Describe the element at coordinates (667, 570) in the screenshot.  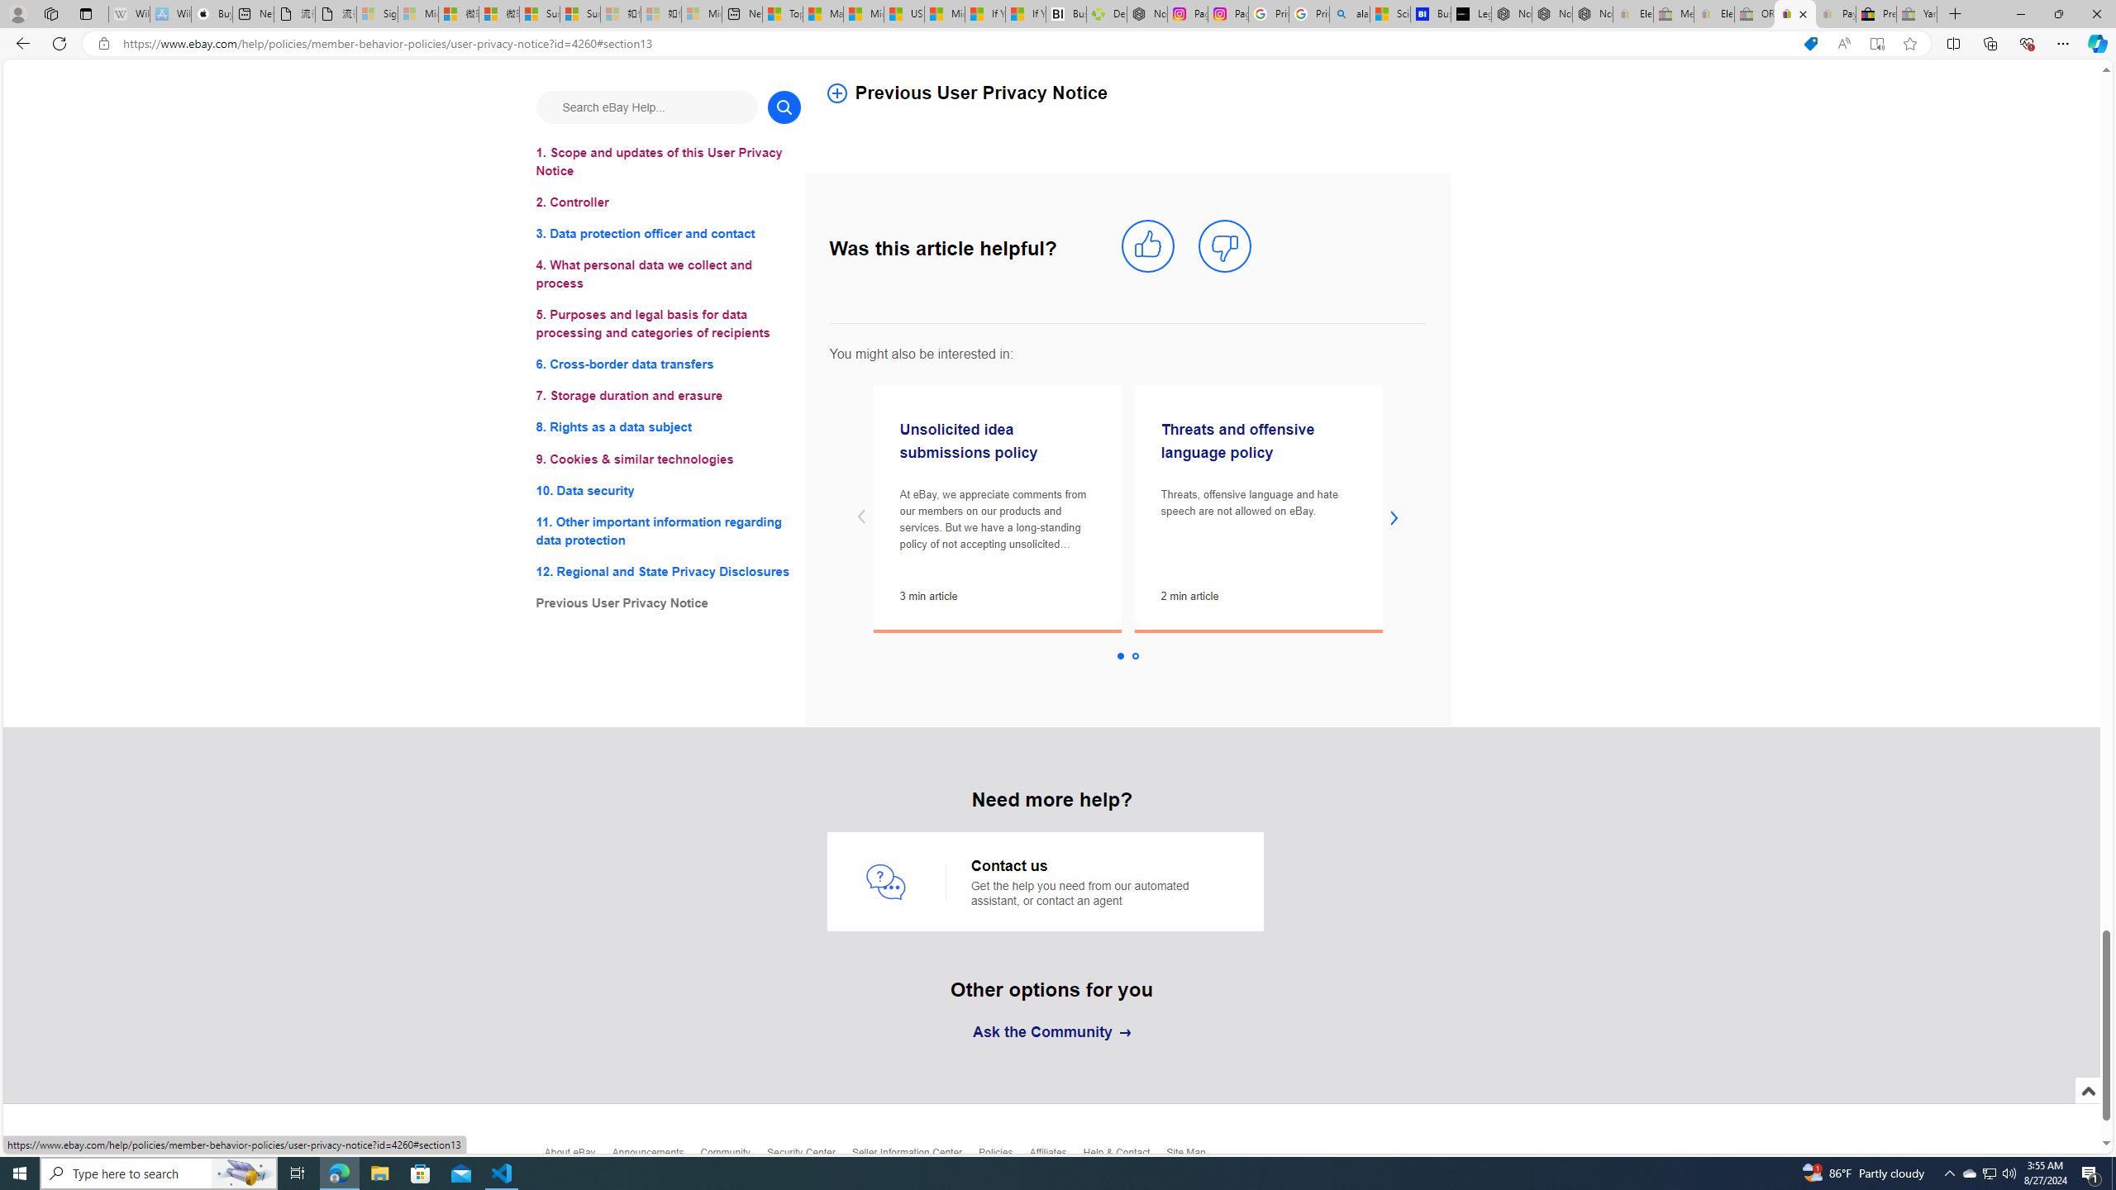
I see `'12. Regional and State Privacy Disclosures'` at that location.